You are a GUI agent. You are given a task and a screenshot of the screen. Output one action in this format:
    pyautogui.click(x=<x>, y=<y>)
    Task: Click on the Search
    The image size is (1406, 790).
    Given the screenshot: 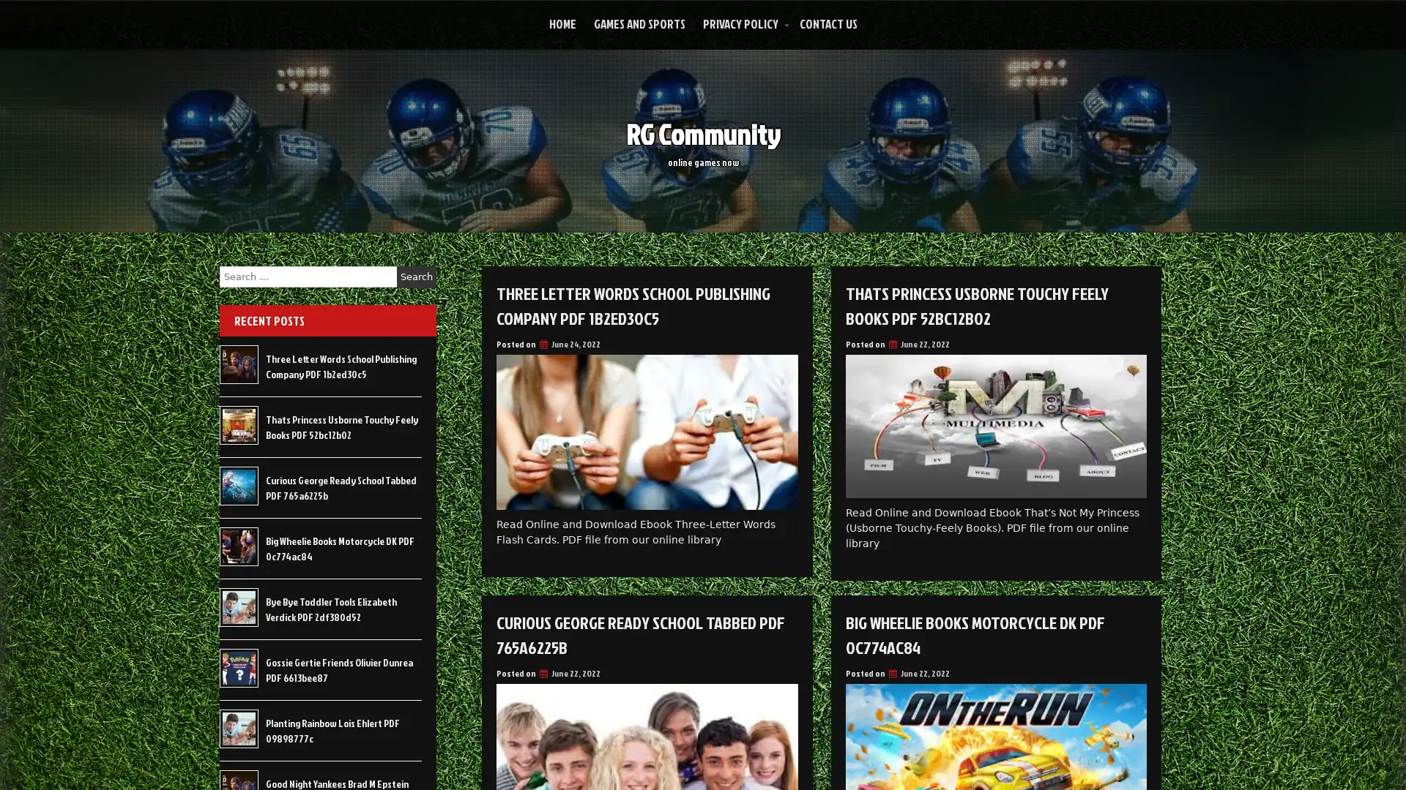 What is the action you would take?
    pyautogui.click(x=416, y=276)
    